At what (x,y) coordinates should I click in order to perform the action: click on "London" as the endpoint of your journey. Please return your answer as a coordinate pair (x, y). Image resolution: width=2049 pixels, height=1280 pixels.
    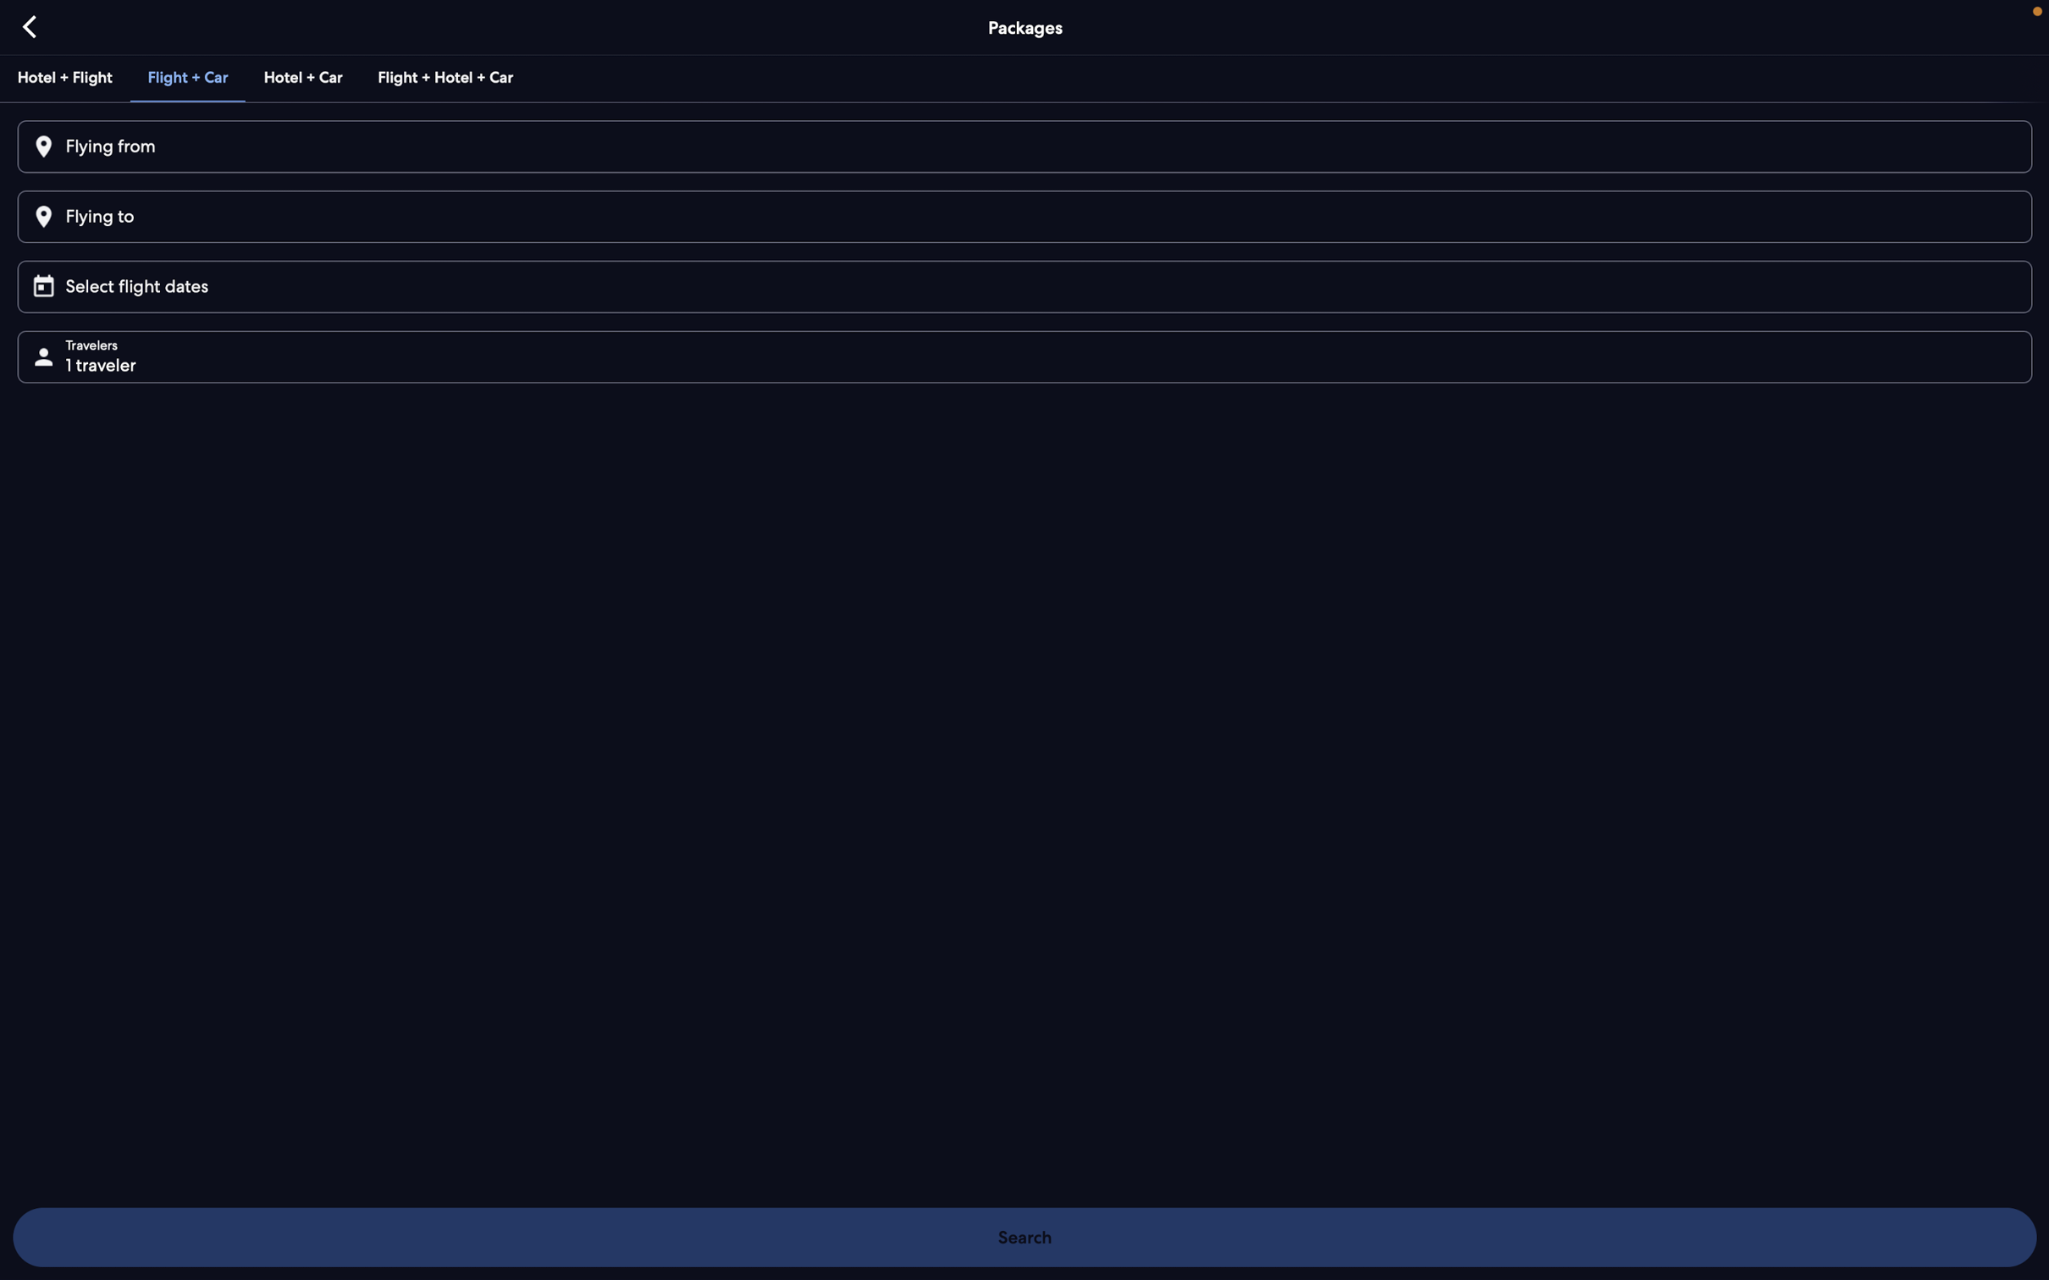
    Looking at the image, I should click on (1022, 216).